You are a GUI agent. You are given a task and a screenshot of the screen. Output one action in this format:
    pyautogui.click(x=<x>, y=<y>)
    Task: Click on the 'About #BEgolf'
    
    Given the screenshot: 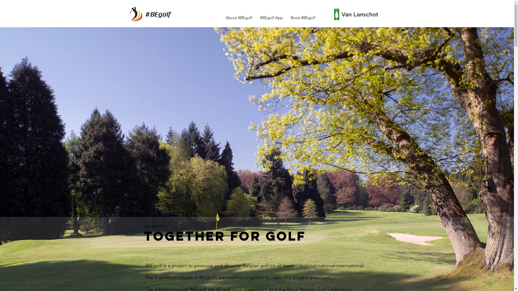 What is the action you would take?
    pyautogui.click(x=221, y=17)
    